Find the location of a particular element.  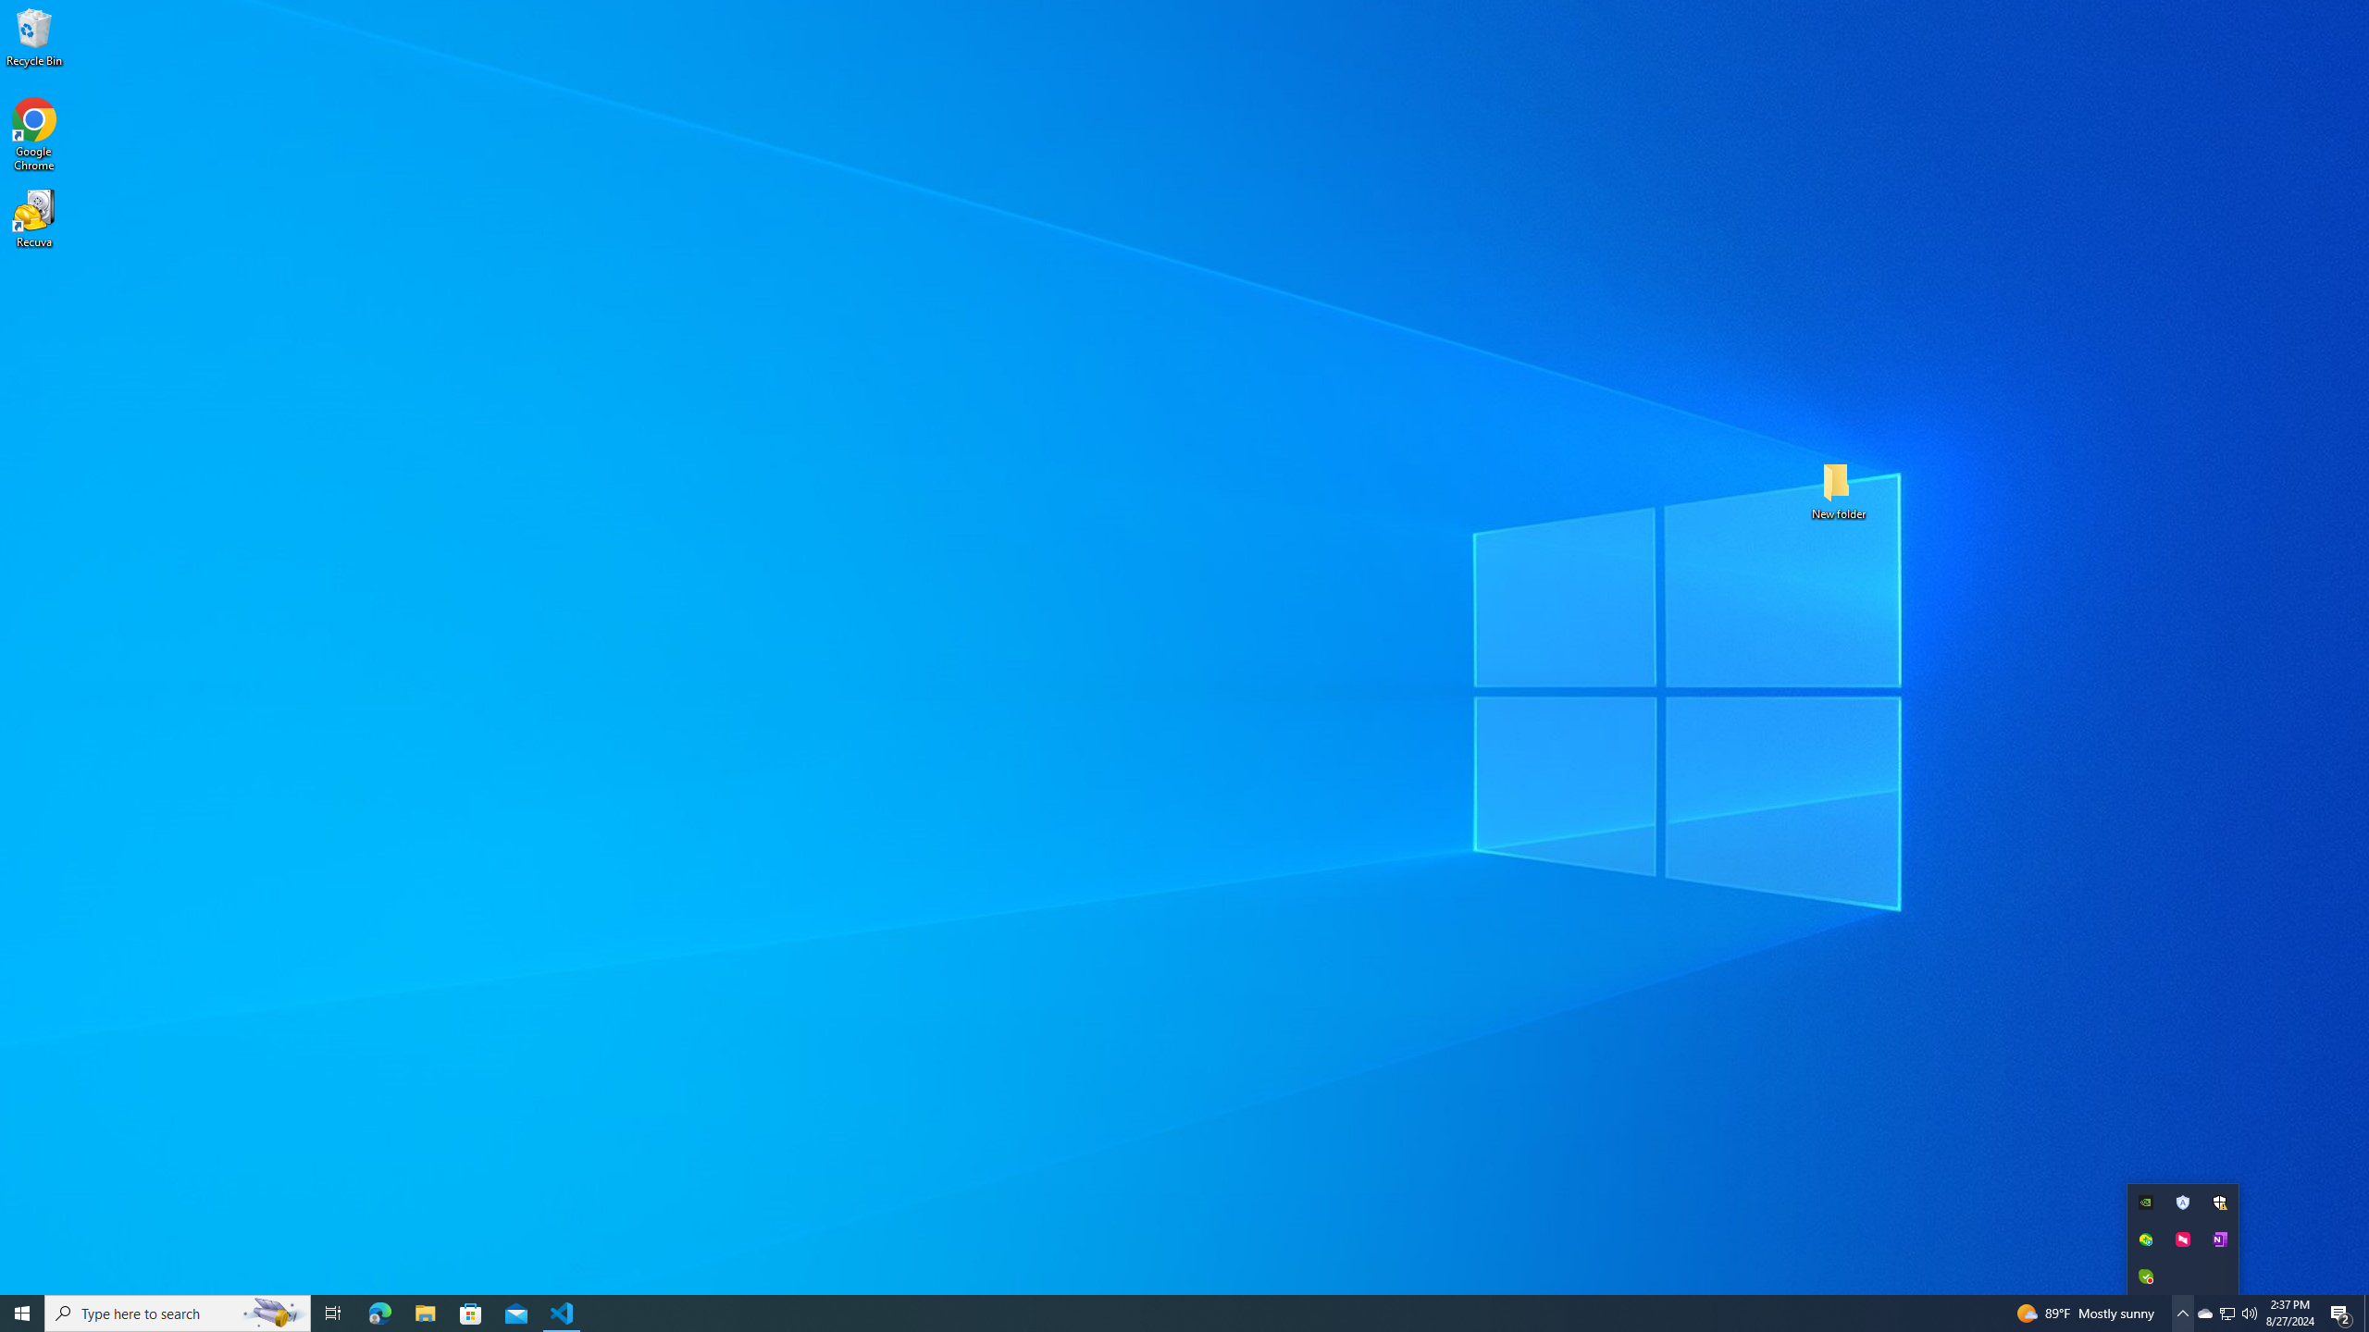

'NVIDIA Settings' is located at coordinates (2146, 1202).